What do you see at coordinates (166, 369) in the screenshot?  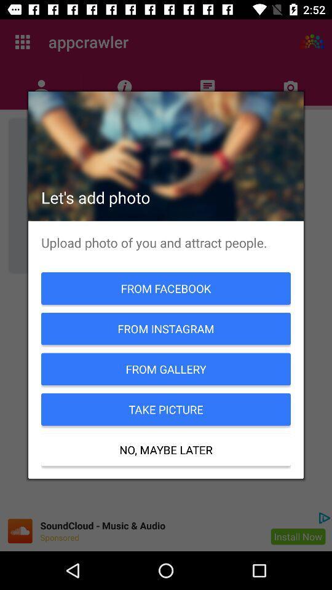 I see `icon above take picture` at bounding box center [166, 369].